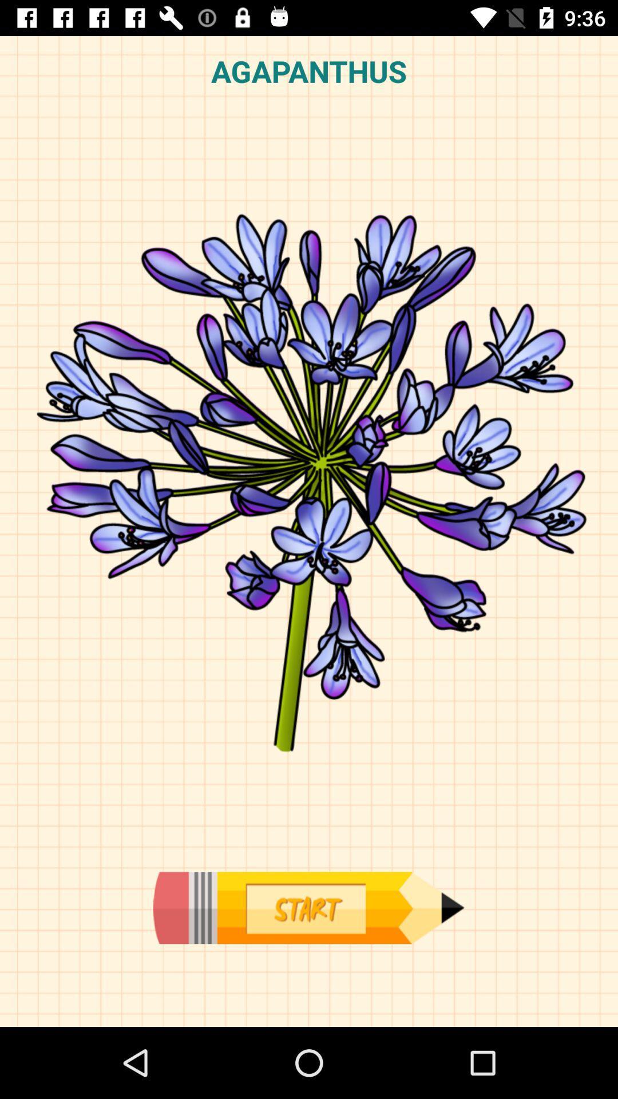 The image size is (618, 1099). I want to click on start button, so click(308, 907).